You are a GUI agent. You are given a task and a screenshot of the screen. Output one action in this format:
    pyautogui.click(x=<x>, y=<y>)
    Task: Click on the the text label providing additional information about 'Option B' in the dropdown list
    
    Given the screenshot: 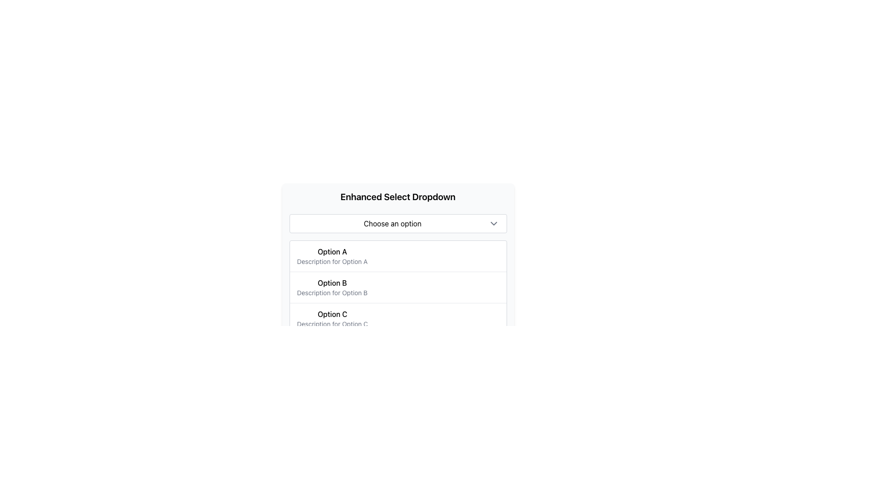 What is the action you would take?
    pyautogui.click(x=332, y=293)
    